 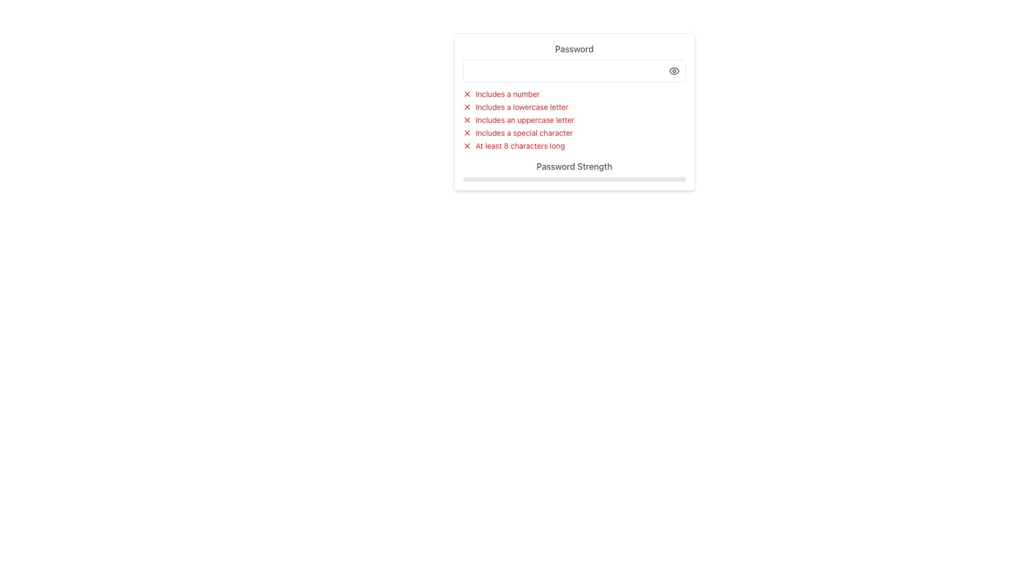 I want to click on the text element that conveys the requirement for having a special character in the password, which is the fourth item in a vertically arranged list of password guidelines, so click(x=524, y=132).